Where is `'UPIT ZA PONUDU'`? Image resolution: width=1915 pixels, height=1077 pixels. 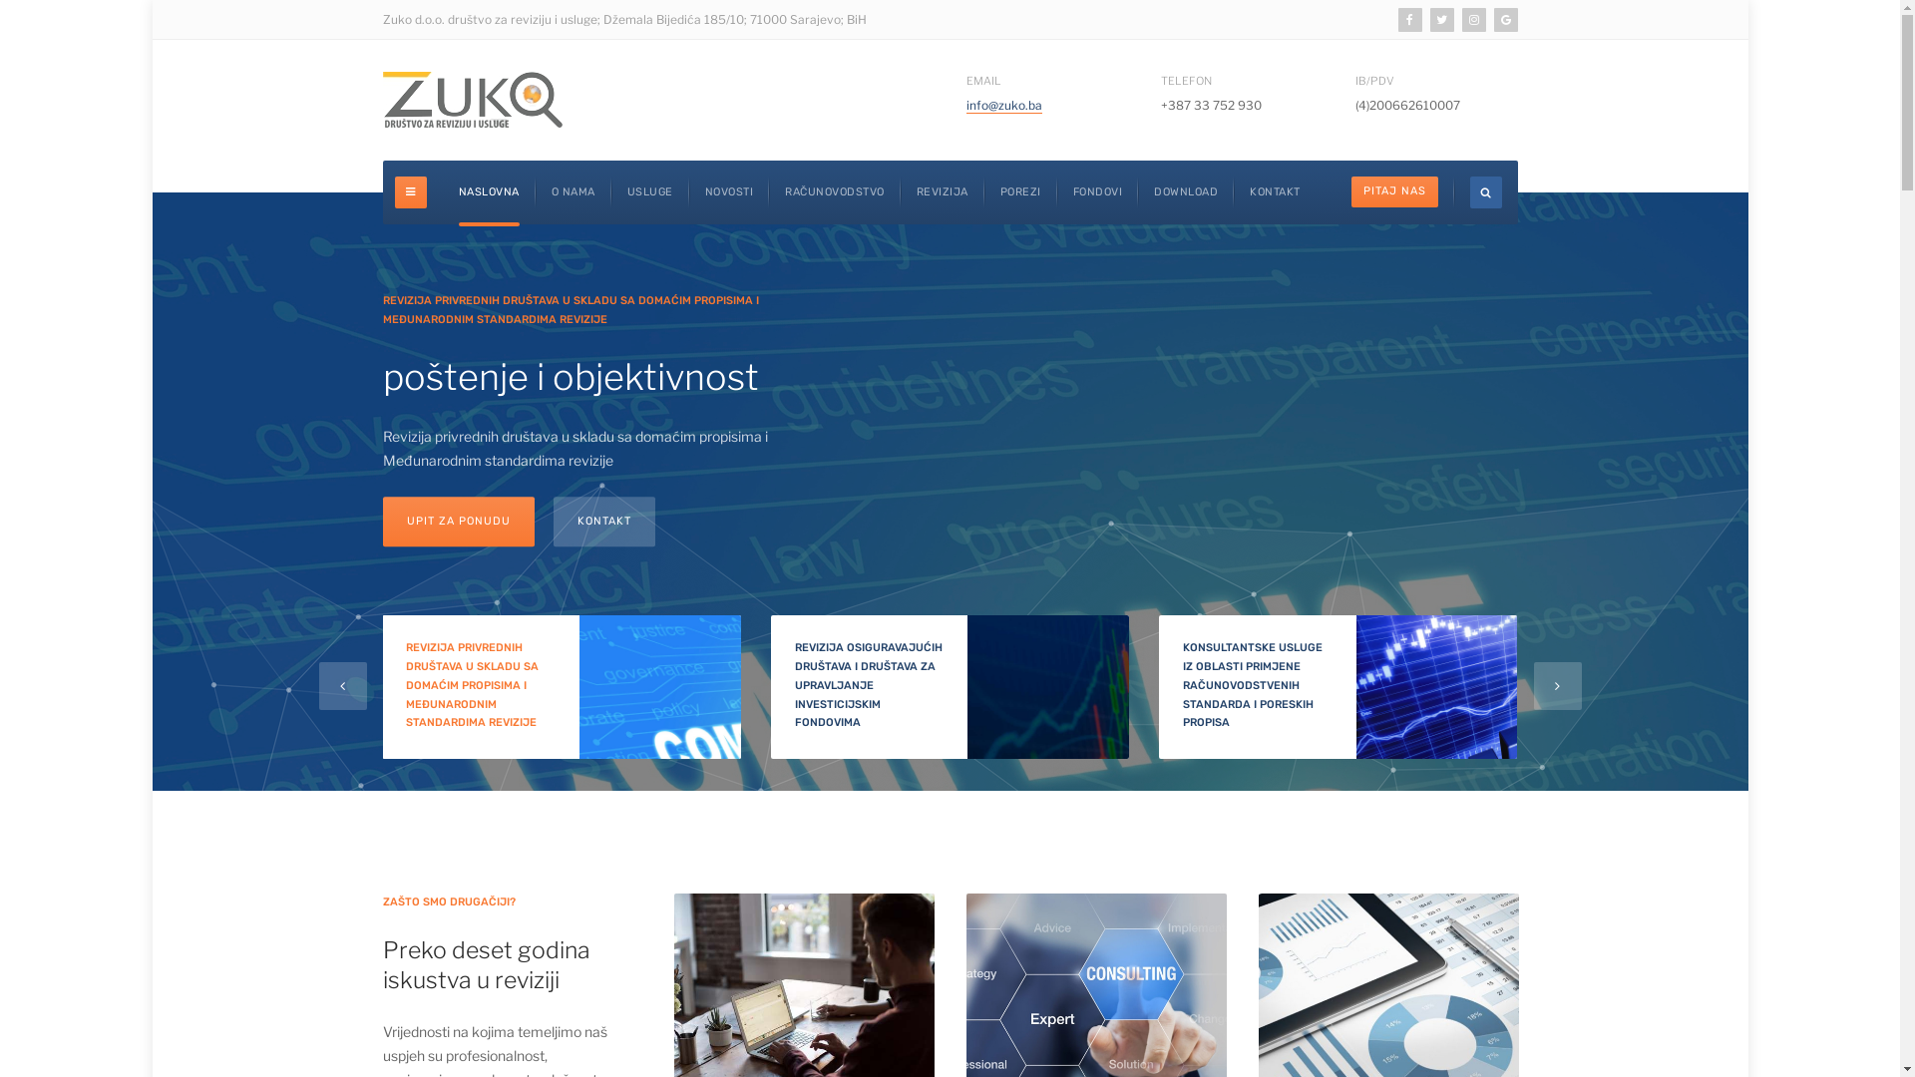
'UPIT ZA PONUDU' is located at coordinates (462, 521).